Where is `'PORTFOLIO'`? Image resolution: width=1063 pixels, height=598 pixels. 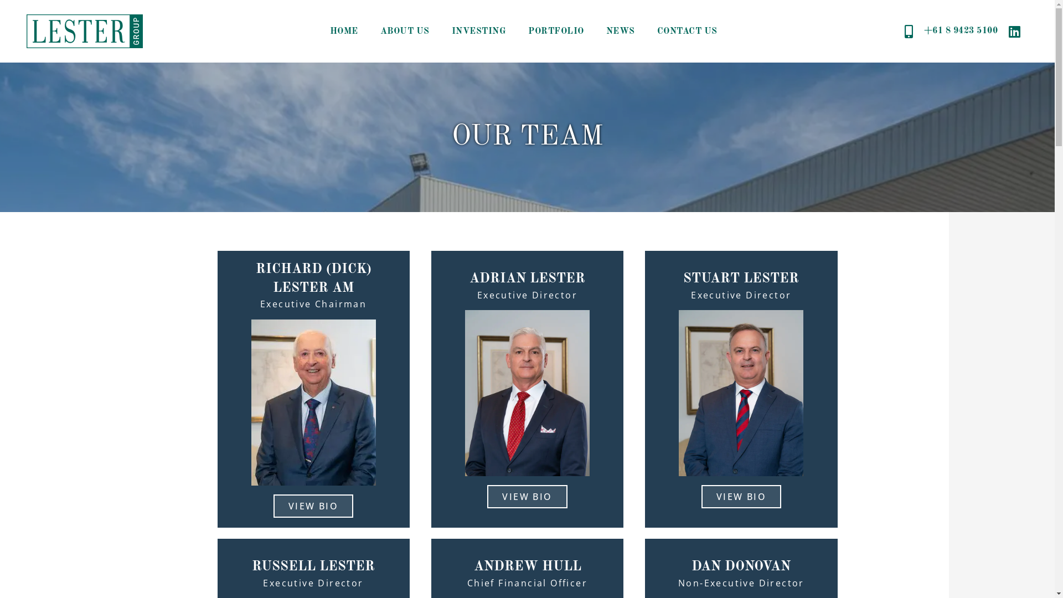 'PORTFOLIO' is located at coordinates (556, 31).